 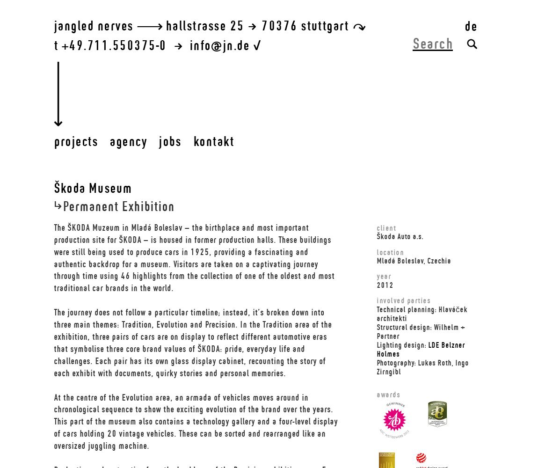 What do you see at coordinates (421, 330) in the screenshot?
I see `'Structural design: Wilhelm + Partner'` at bounding box center [421, 330].